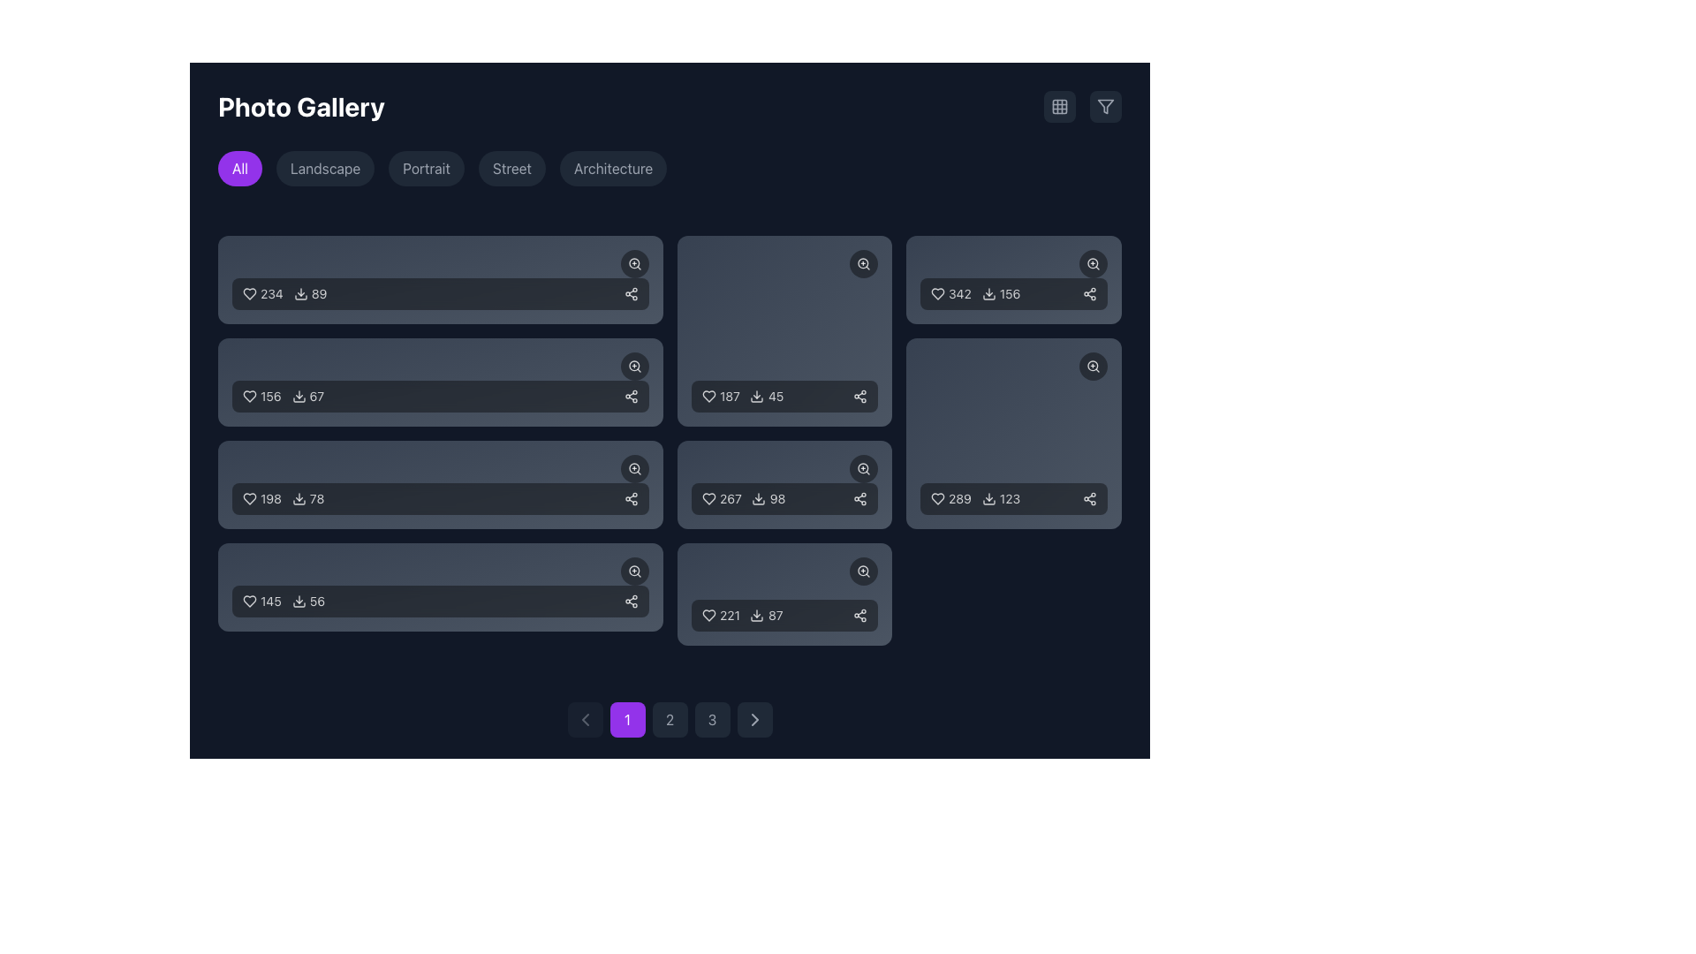 This screenshot has height=954, width=1696. What do you see at coordinates (633, 467) in the screenshot?
I see `the circular magnifying glass icon located in the bottom row of the gallery grid` at bounding box center [633, 467].